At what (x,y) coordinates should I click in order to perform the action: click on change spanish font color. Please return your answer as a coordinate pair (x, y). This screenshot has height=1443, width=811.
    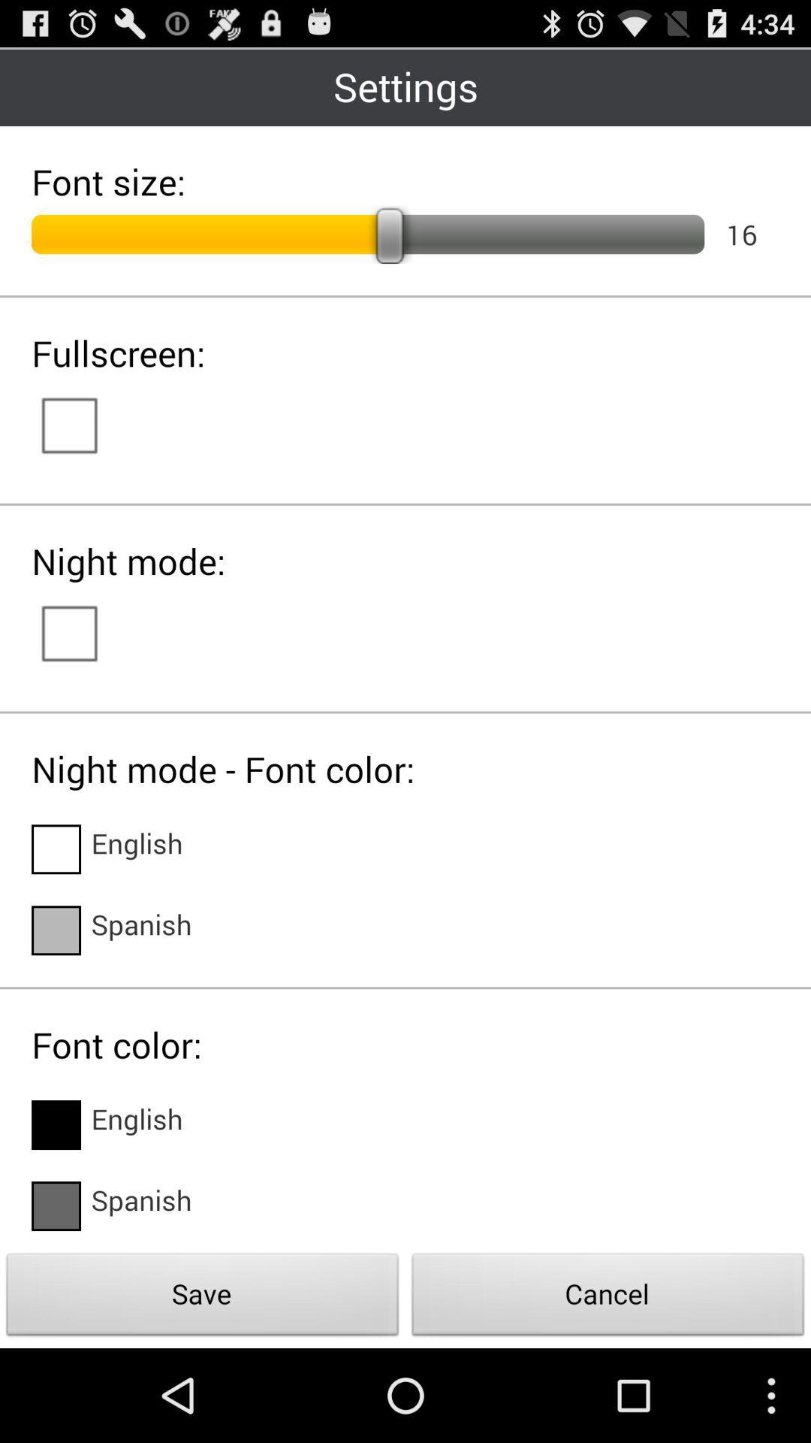
    Looking at the image, I should click on (55, 1206).